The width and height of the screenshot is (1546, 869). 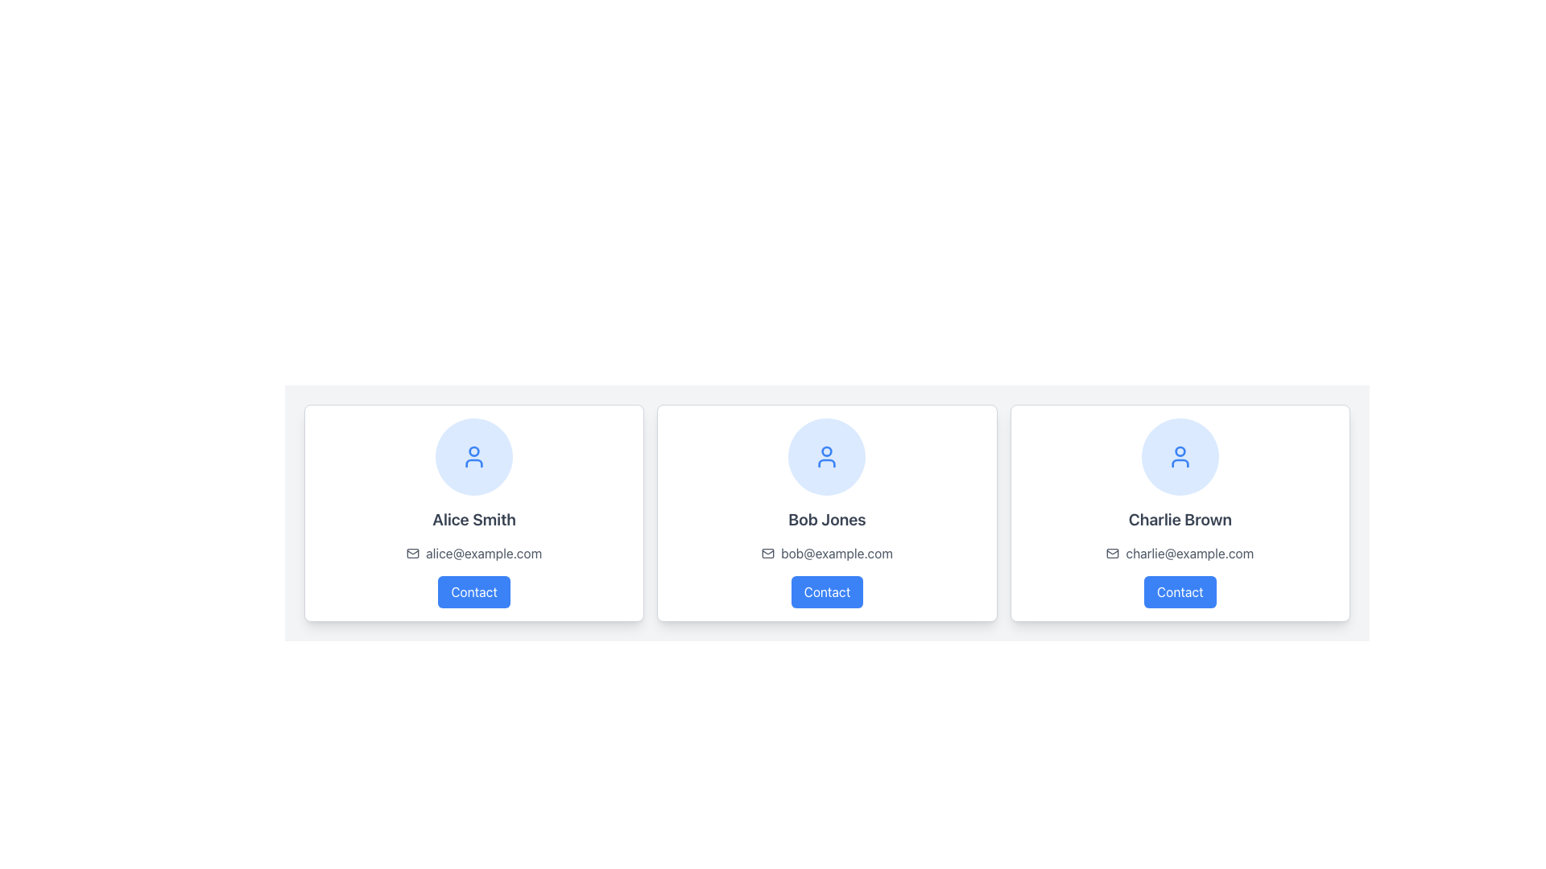 What do you see at coordinates (1180, 552) in the screenshot?
I see `the email address text field displaying 'charlie@example.com' located in the profile card for 'Charlie Brown', positioned beneath the name and above the 'Contact' button` at bounding box center [1180, 552].